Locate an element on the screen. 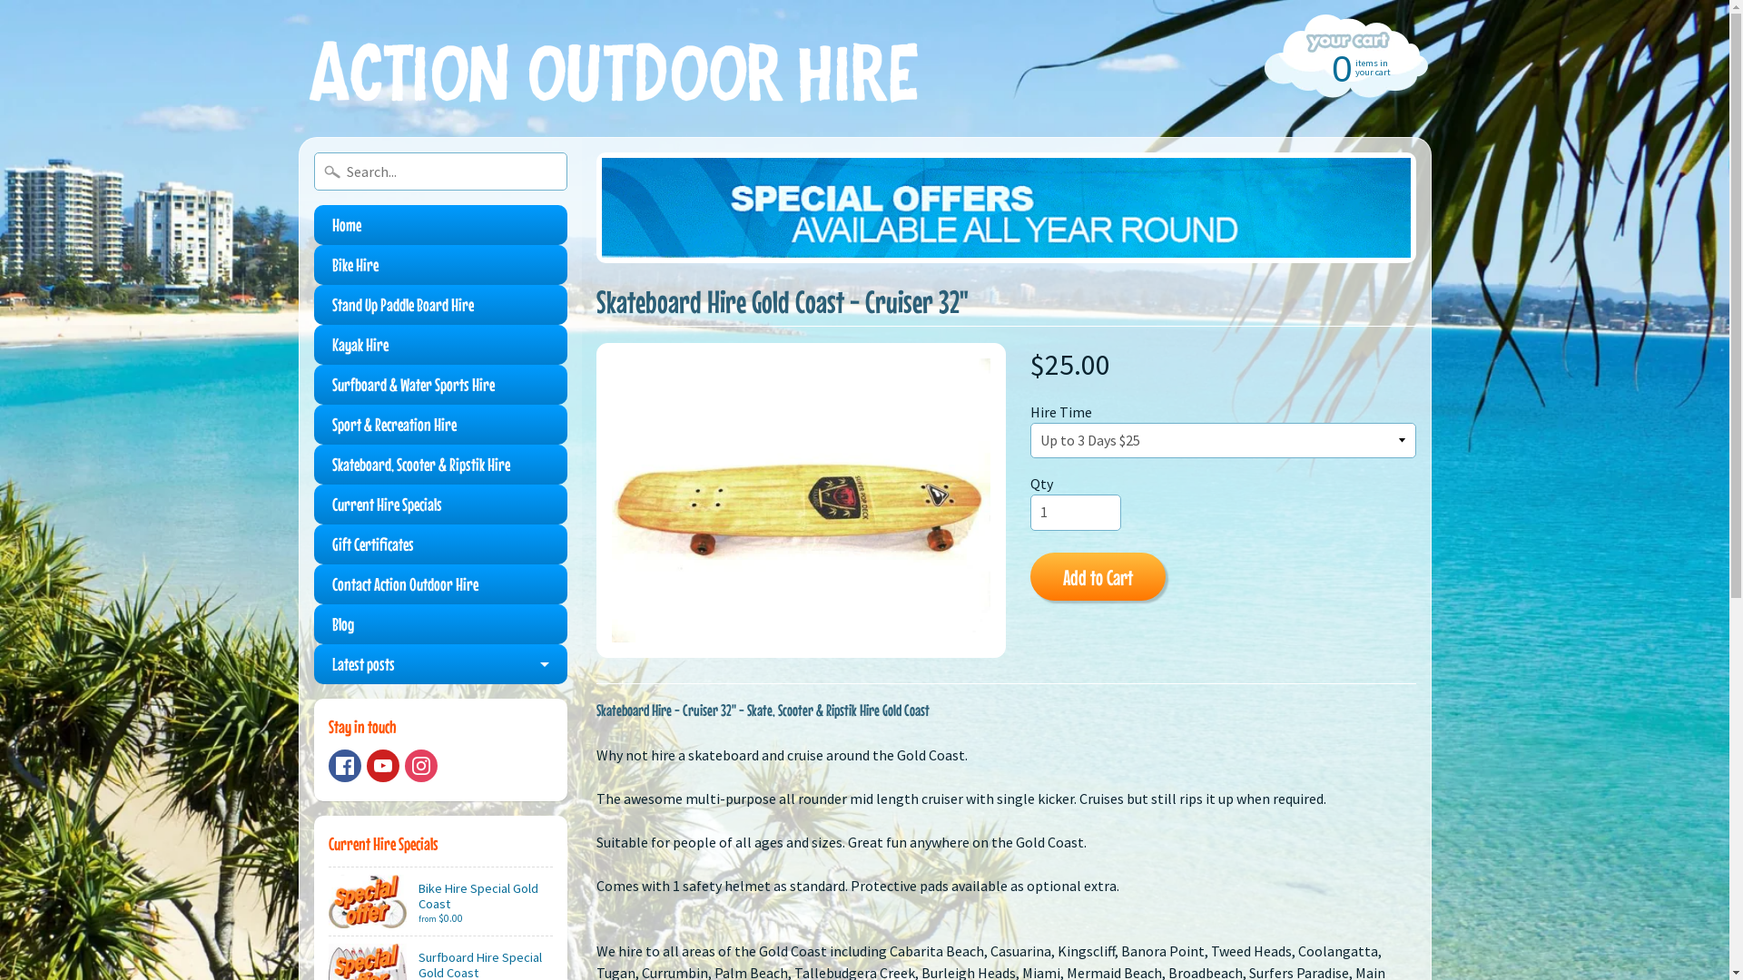 This screenshot has width=1743, height=980. 'Action Outdoor Hire' is located at coordinates (615, 67).